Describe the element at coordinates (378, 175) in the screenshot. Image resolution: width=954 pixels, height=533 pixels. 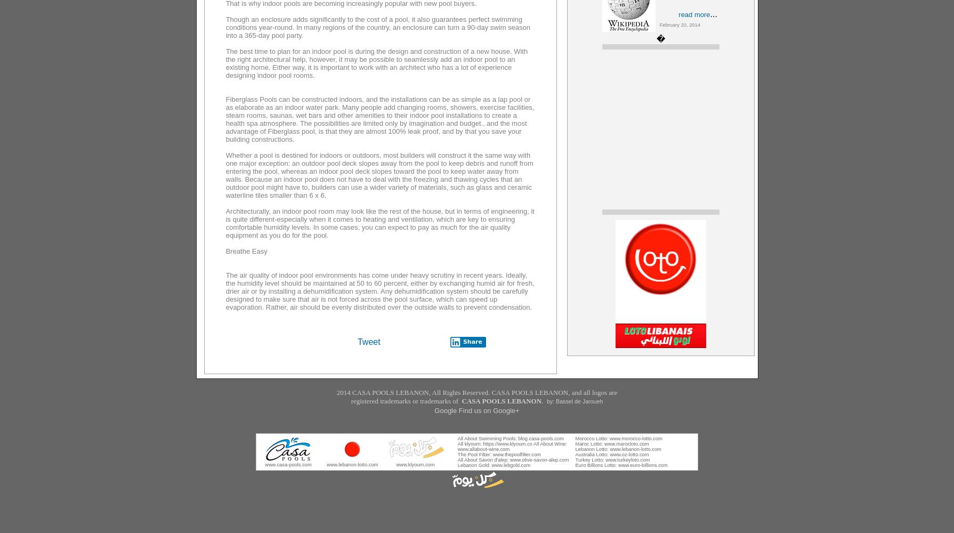
I see `'Whether a pool is destined for indoors or outdoors, most builders will construct it the same way with one major exception: an outdoor pool deck slopes away from the pool to keep debris and runoff from entering the pool, whereas an indoor pool deck slopes toward the pool to keep water away from walls. Because an indoor pool does not have to deal with the freezing and thawing cycles that an outdoor pool might have to, builders can use a wider variety of materials, such as glass and ceramic waterline tiles smaller than 6 x 6.'` at that location.